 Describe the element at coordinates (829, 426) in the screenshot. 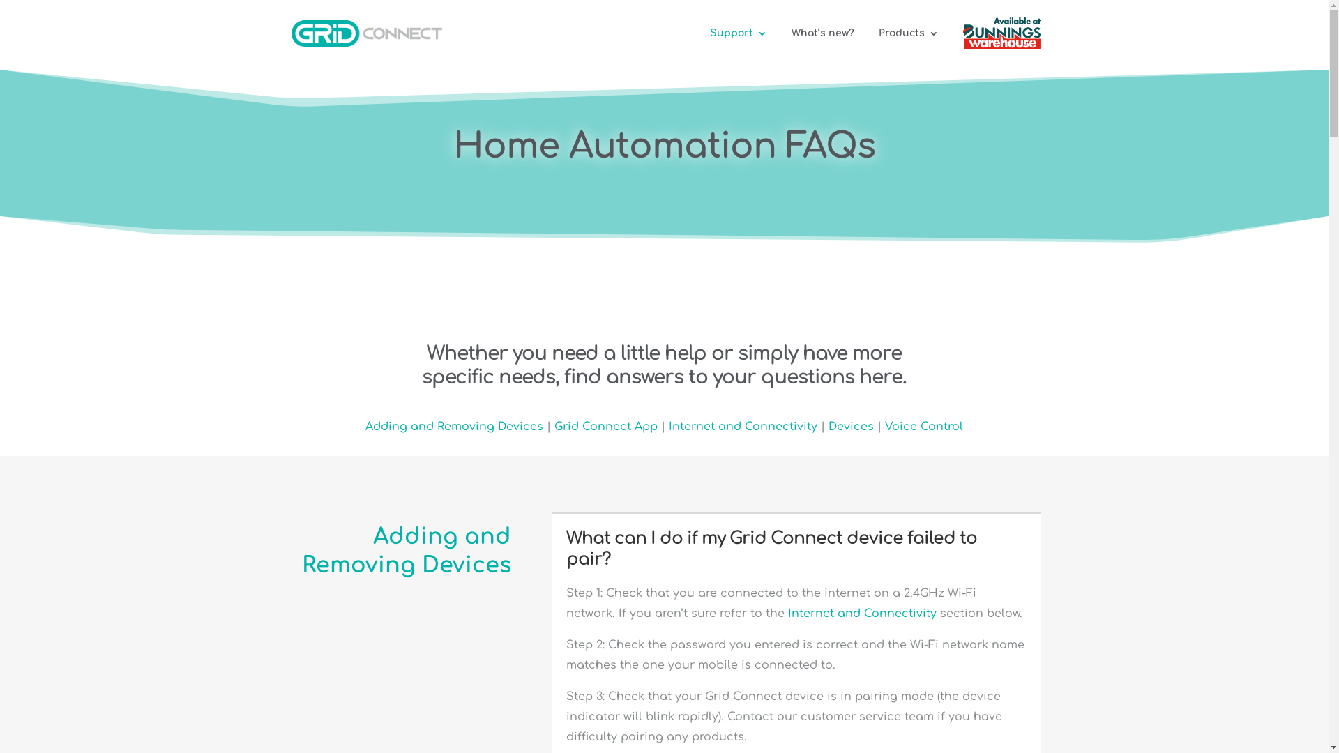

I see `'Devices'` at that location.